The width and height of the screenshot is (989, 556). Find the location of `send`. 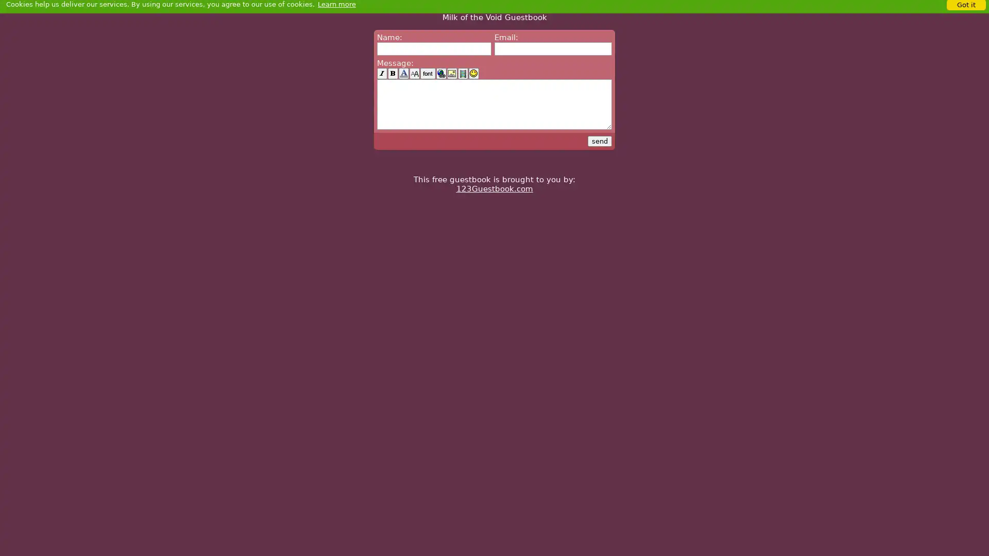

send is located at coordinates (600, 141).